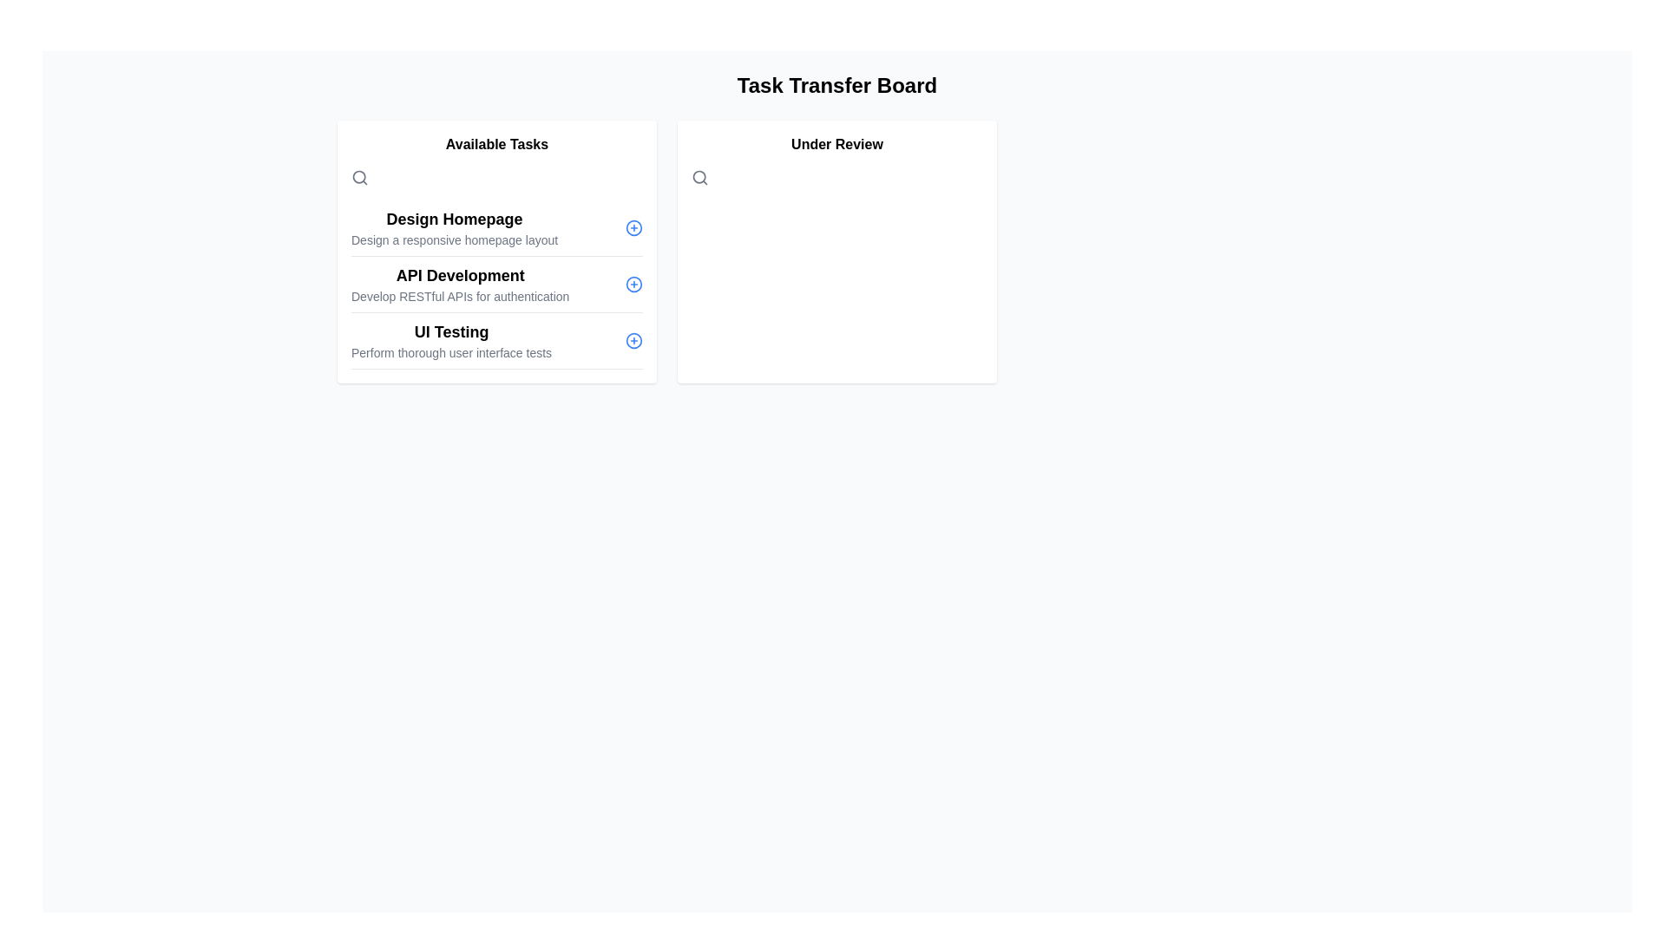  Describe the element at coordinates (495, 341) in the screenshot. I see `the third task item in the 'Available Tasks' section` at that location.